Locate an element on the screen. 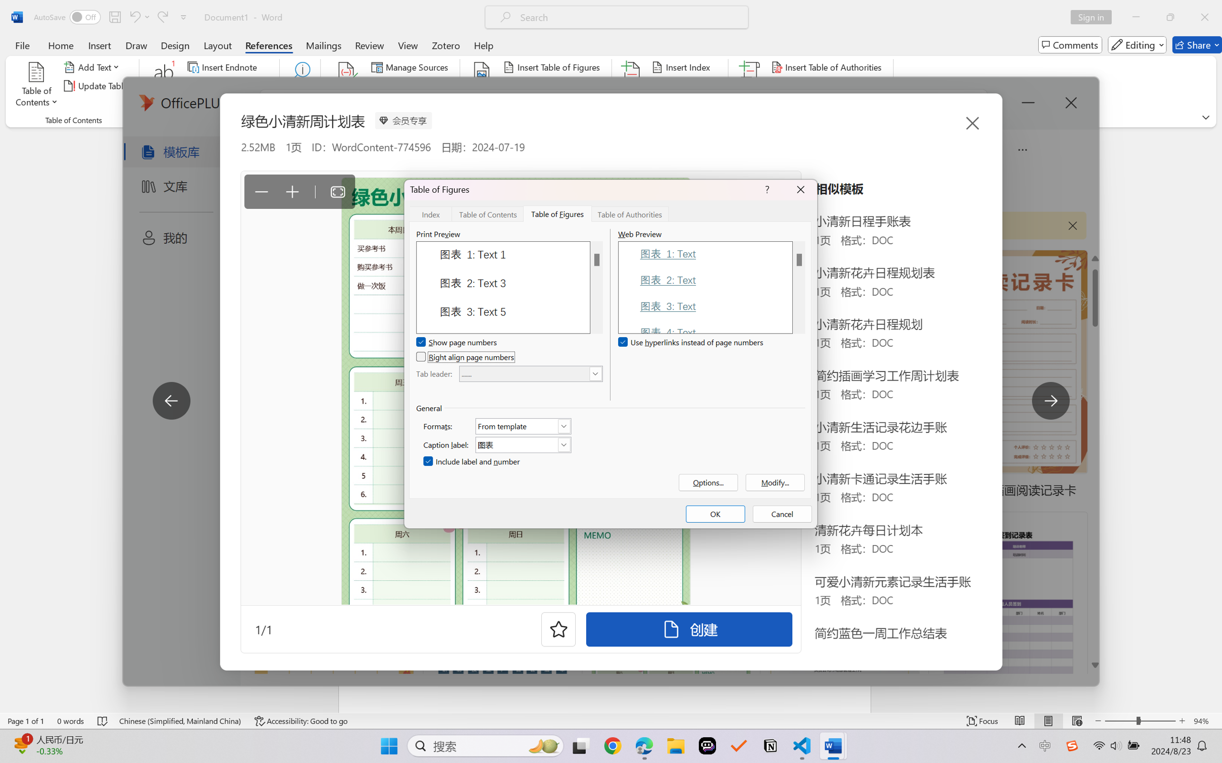 The width and height of the screenshot is (1222, 763). 'Editing' is located at coordinates (1138, 44).